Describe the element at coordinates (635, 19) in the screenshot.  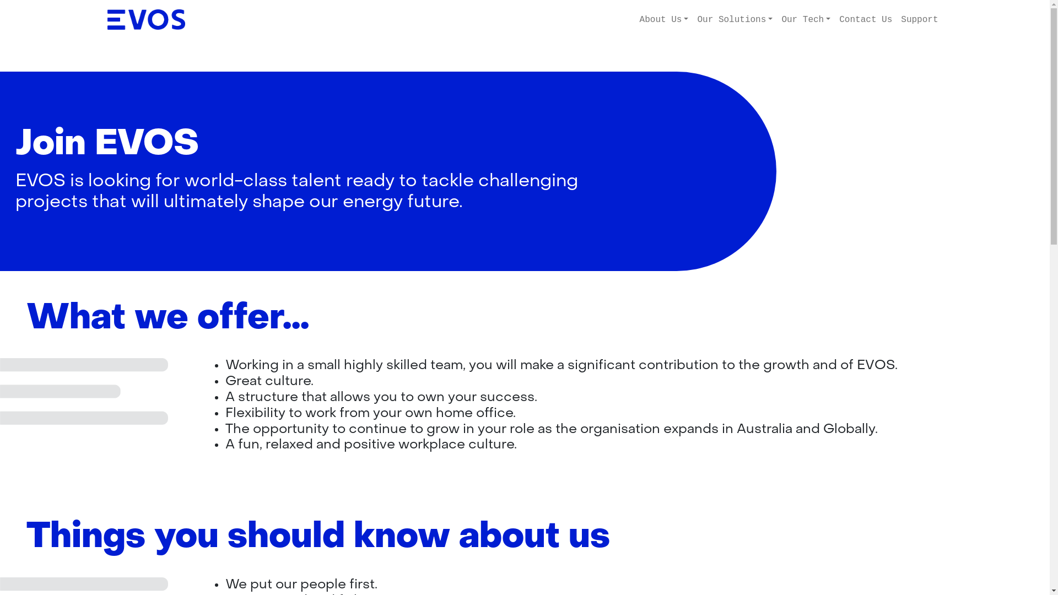
I see `'About Us'` at that location.